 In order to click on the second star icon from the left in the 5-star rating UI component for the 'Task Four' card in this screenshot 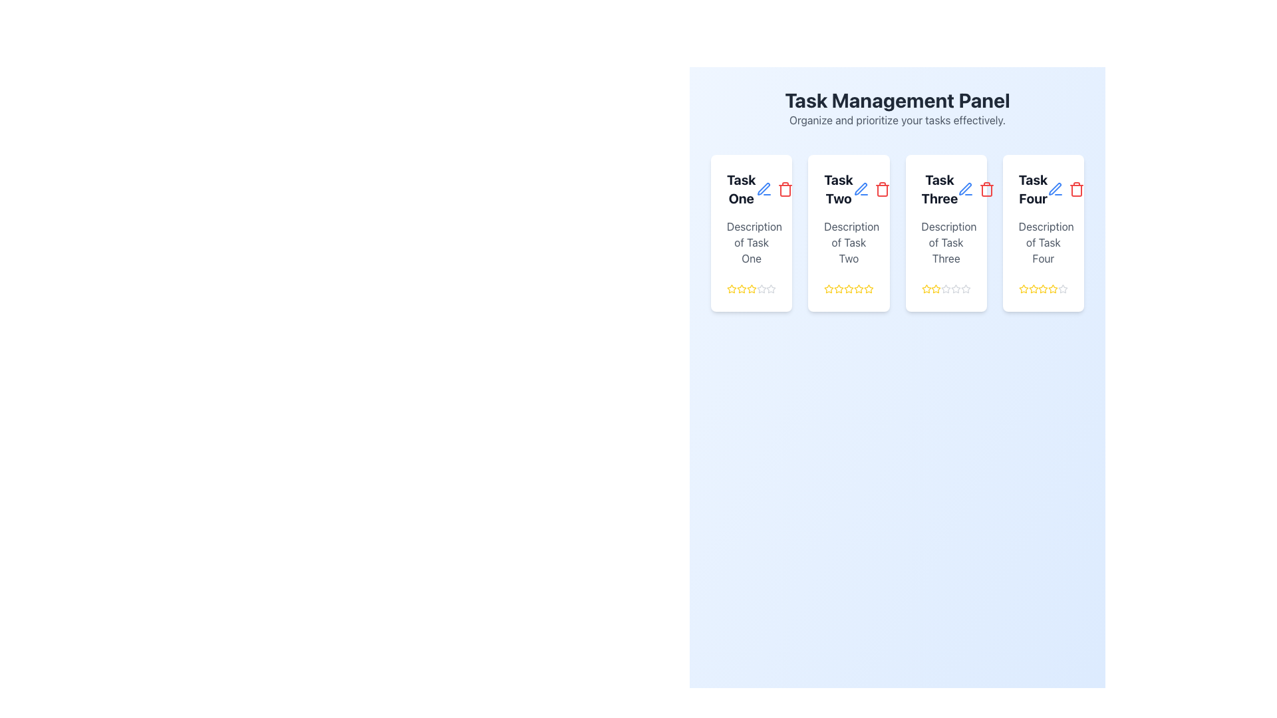, I will do `click(1042, 288)`.